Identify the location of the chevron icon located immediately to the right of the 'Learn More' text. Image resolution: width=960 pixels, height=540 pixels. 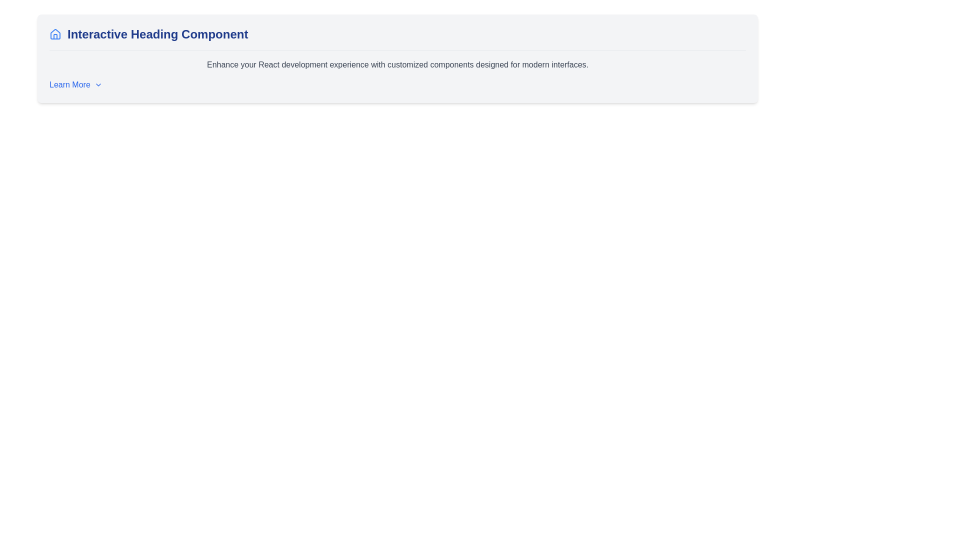
(98, 84).